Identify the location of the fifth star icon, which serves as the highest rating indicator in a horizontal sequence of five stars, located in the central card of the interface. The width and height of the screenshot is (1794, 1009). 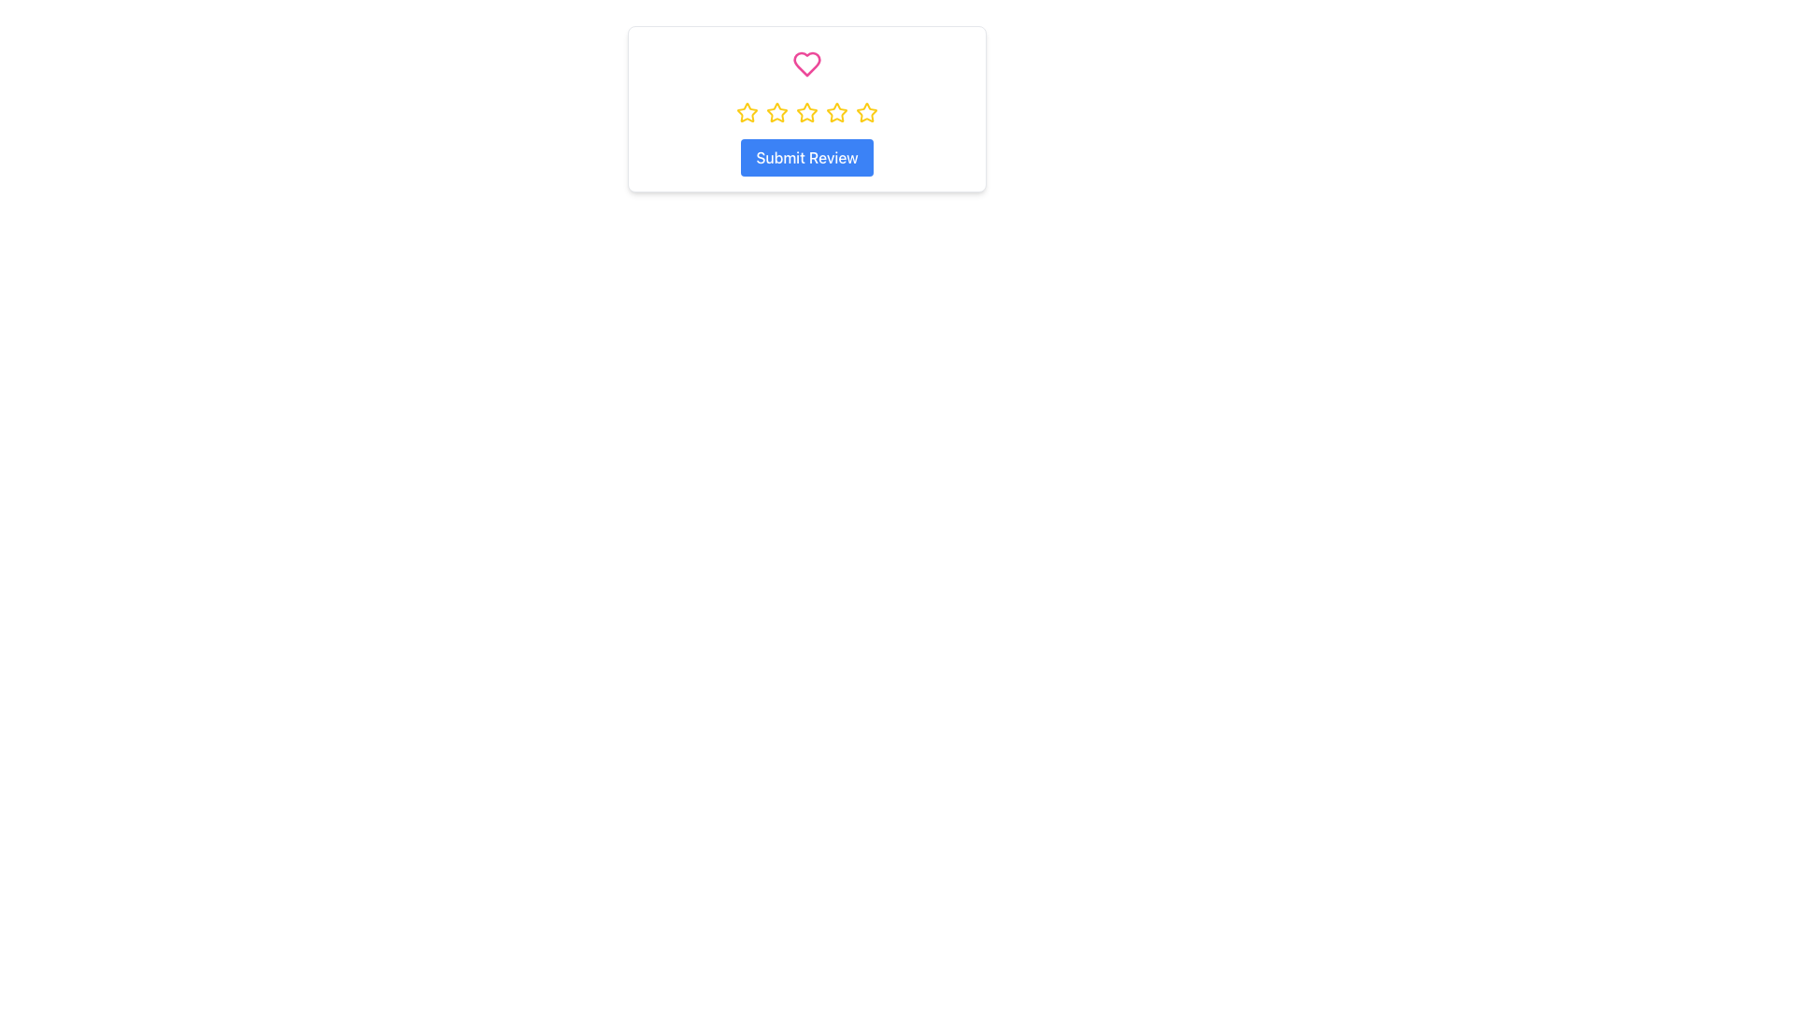
(865, 112).